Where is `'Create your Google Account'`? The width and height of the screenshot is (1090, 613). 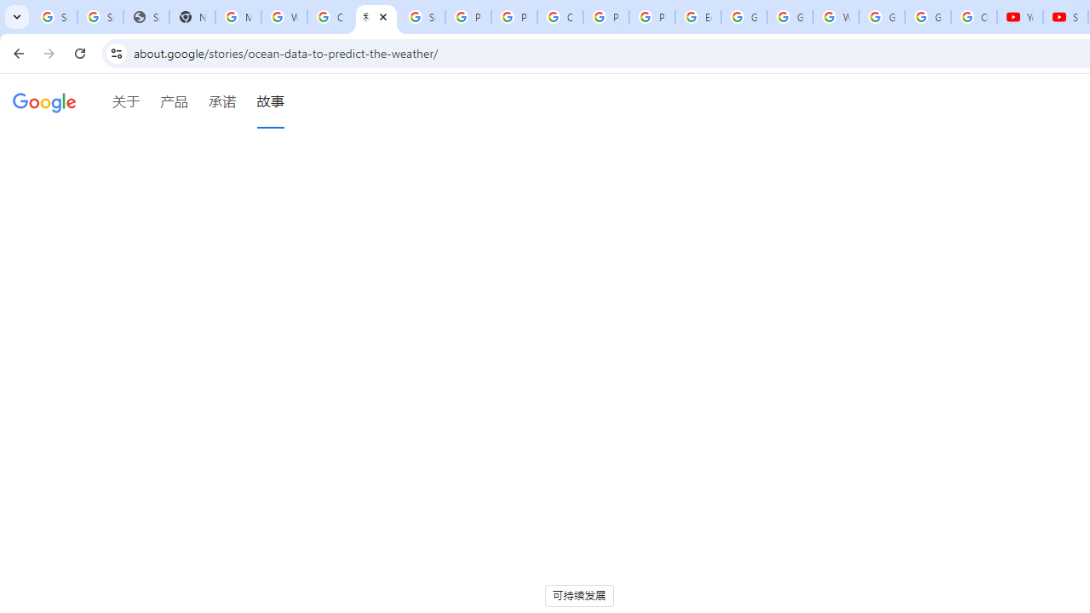 'Create your Google Account' is located at coordinates (330, 17).